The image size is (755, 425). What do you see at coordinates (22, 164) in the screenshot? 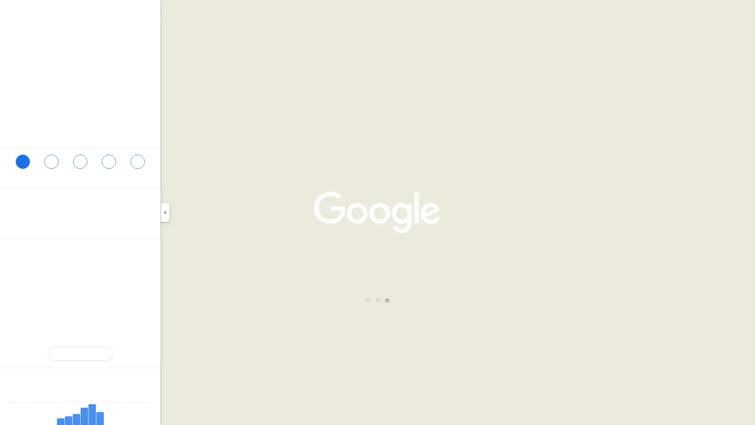
I see `Directions to Every Thing Goes Book Cafe and Neighborhood Stage` at bounding box center [22, 164].